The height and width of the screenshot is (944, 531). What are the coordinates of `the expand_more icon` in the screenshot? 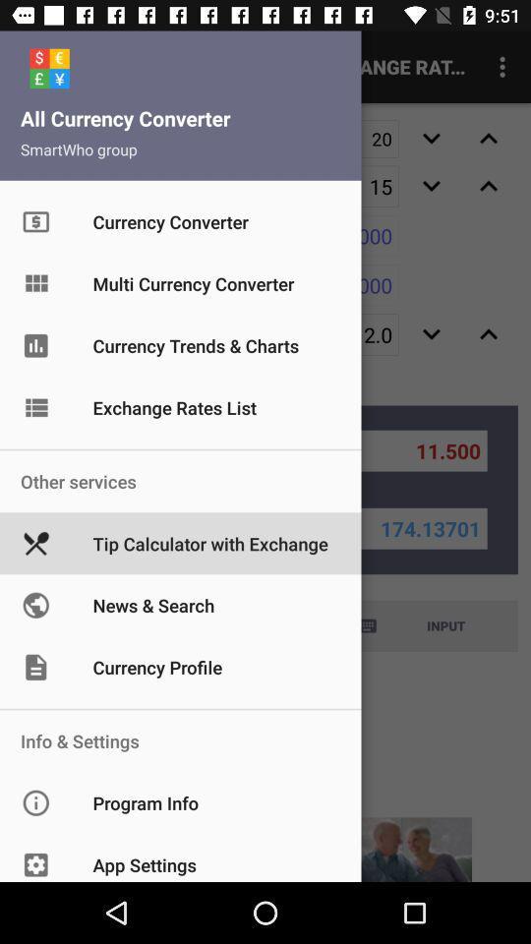 It's located at (430, 138).